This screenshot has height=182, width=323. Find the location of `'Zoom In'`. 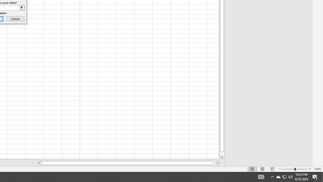

'Zoom In' is located at coordinates (309, 169).